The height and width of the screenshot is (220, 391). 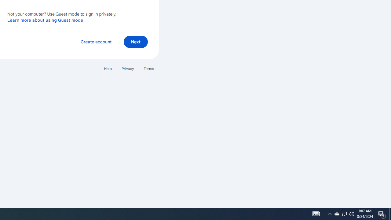 What do you see at coordinates (96, 41) in the screenshot?
I see `'Create account'` at bounding box center [96, 41].